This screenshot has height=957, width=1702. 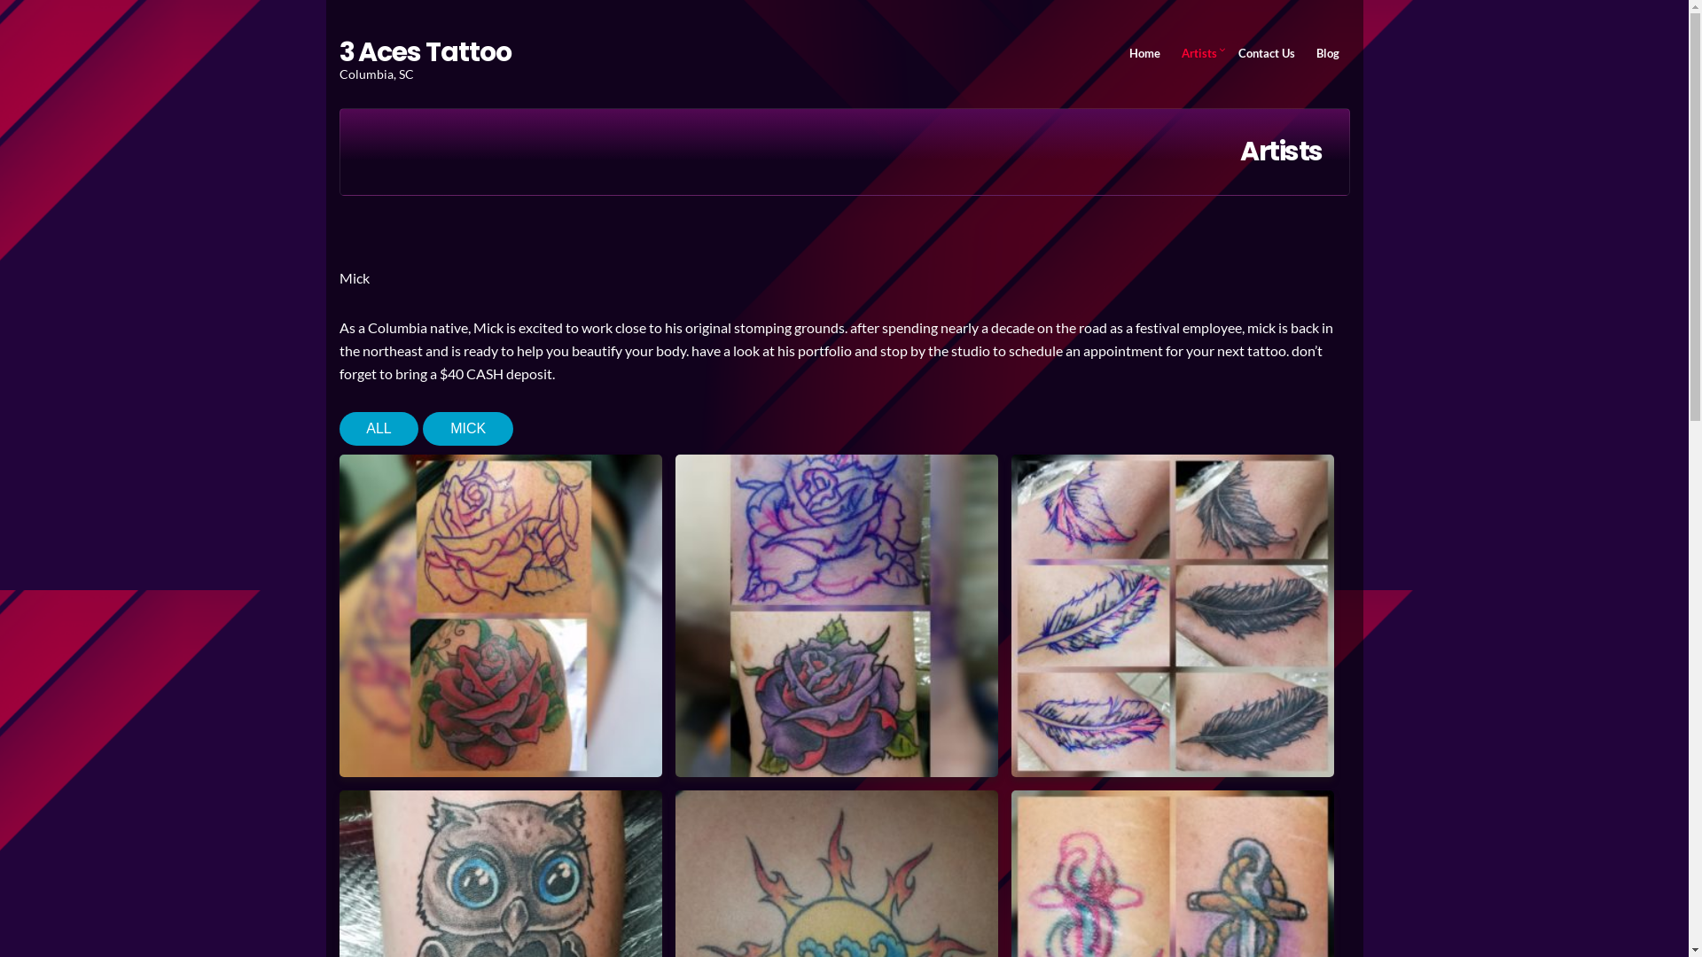 What do you see at coordinates (1327, 52) in the screenshot?
I see `'Blog'` at bounding box center [1327, 52].